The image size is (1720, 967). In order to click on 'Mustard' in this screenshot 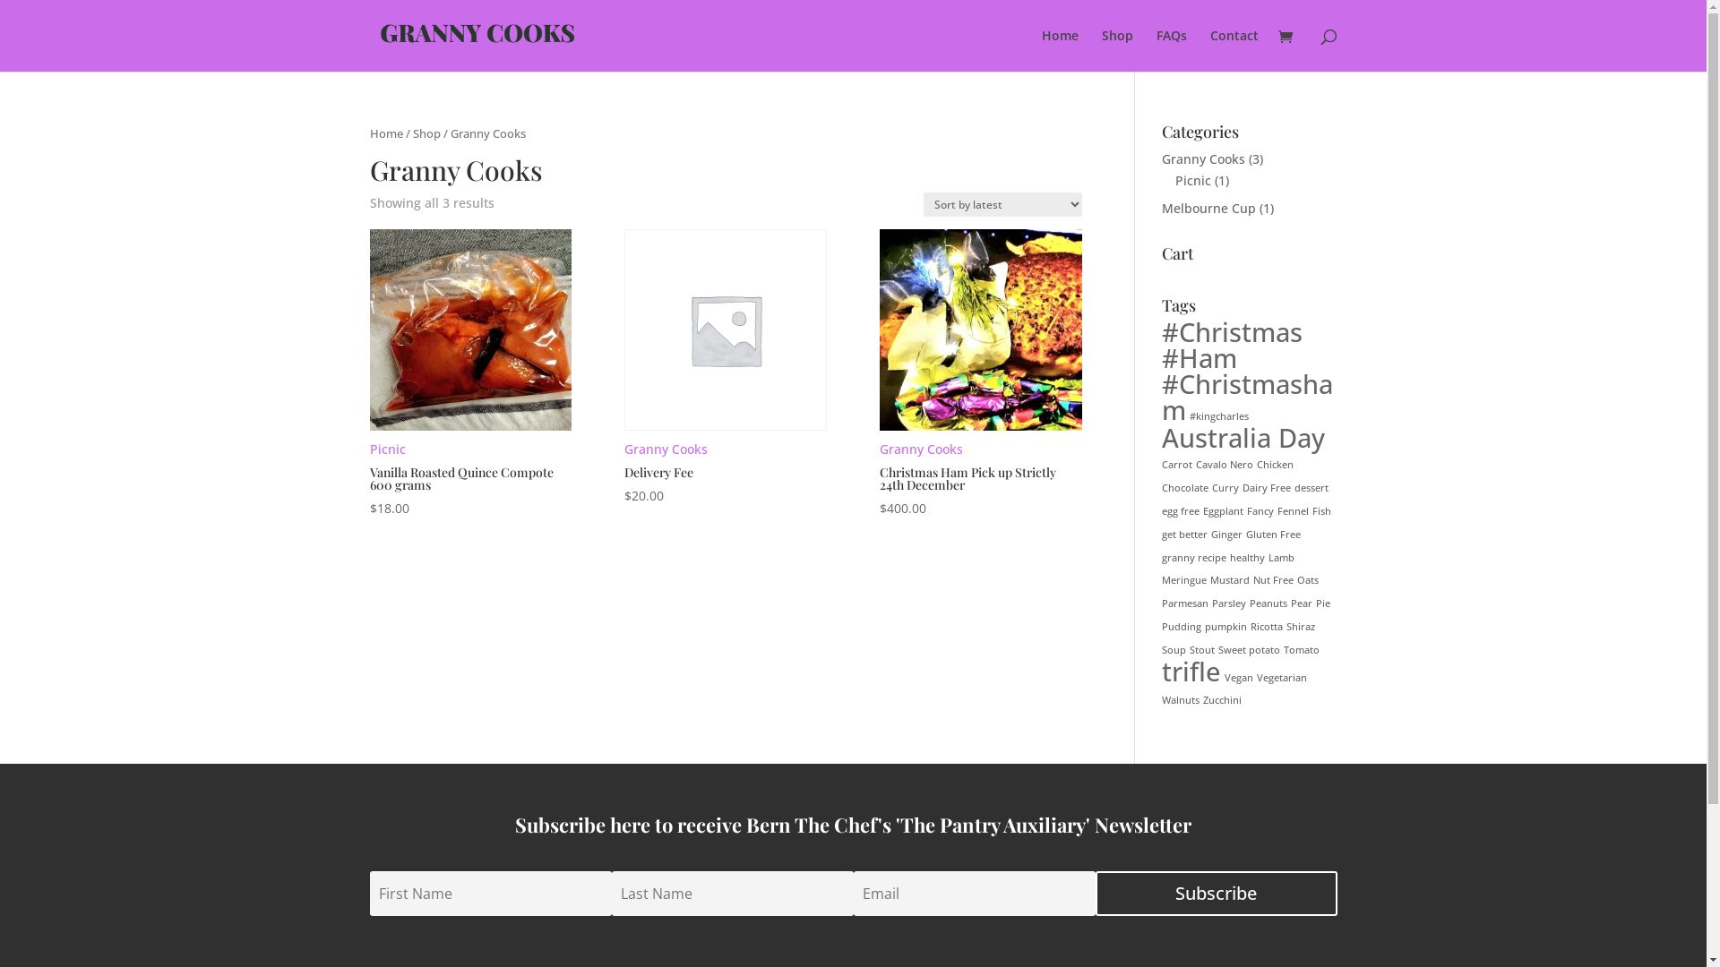, I will do `click(1228, 580)`.